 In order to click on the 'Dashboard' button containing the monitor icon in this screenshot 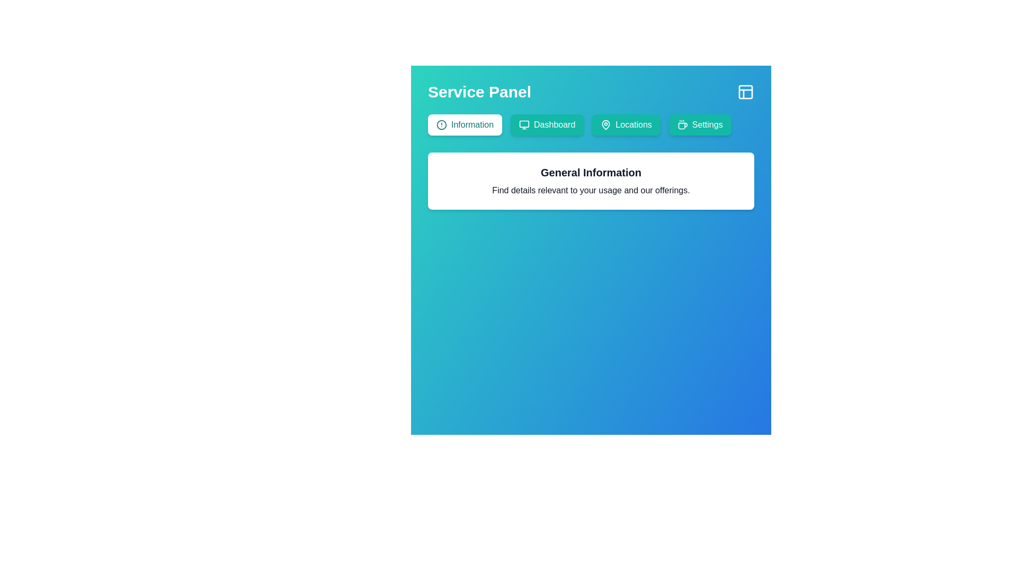, I will do `click(524, 124)`.